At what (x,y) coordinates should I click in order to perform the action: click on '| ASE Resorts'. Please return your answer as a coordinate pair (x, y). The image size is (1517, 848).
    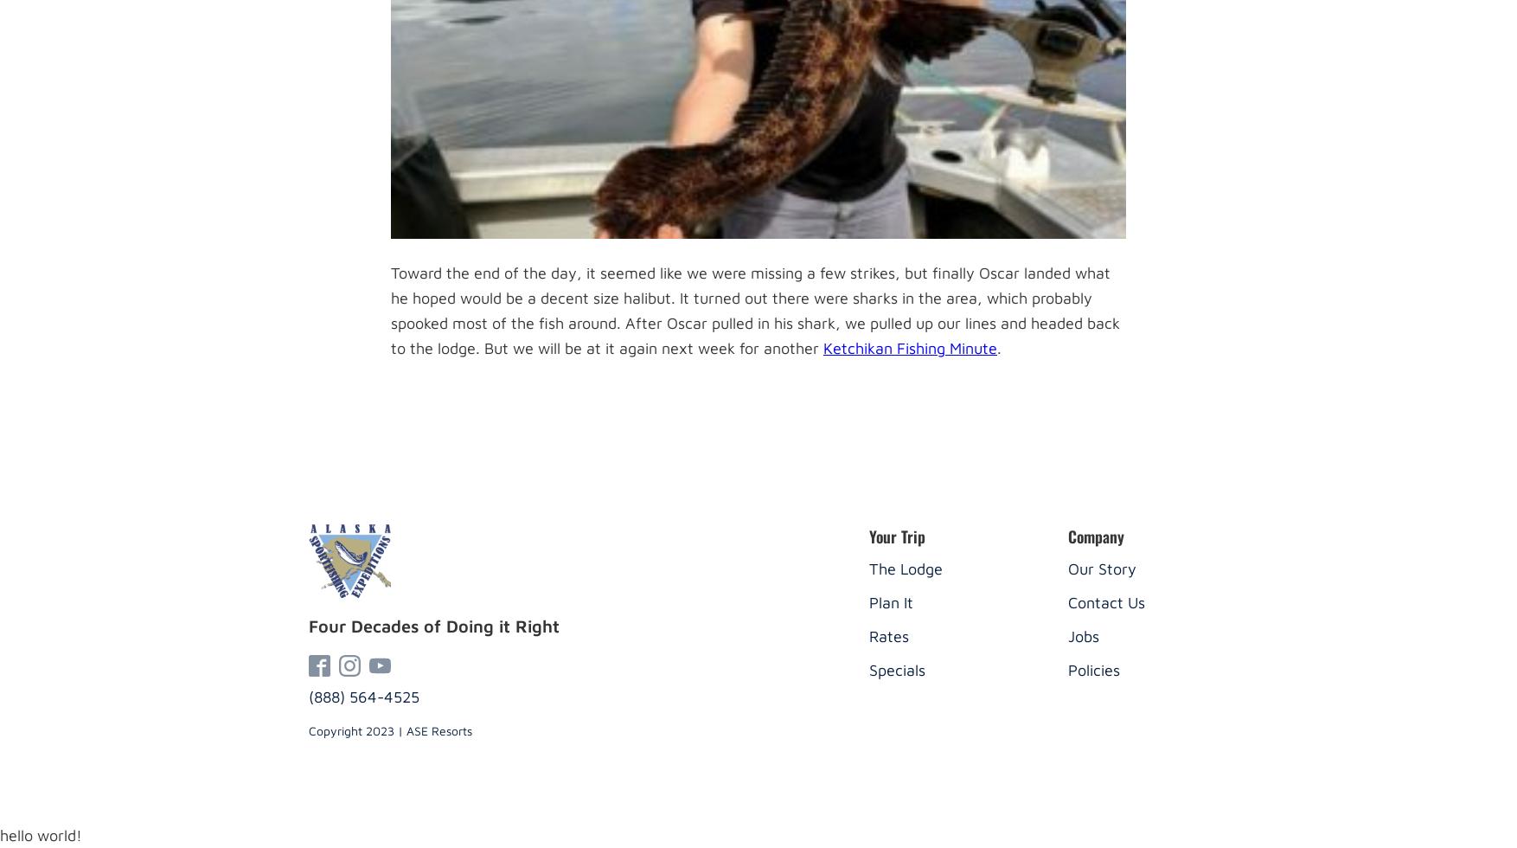
    Looking at the image, I should click on (432, 730).